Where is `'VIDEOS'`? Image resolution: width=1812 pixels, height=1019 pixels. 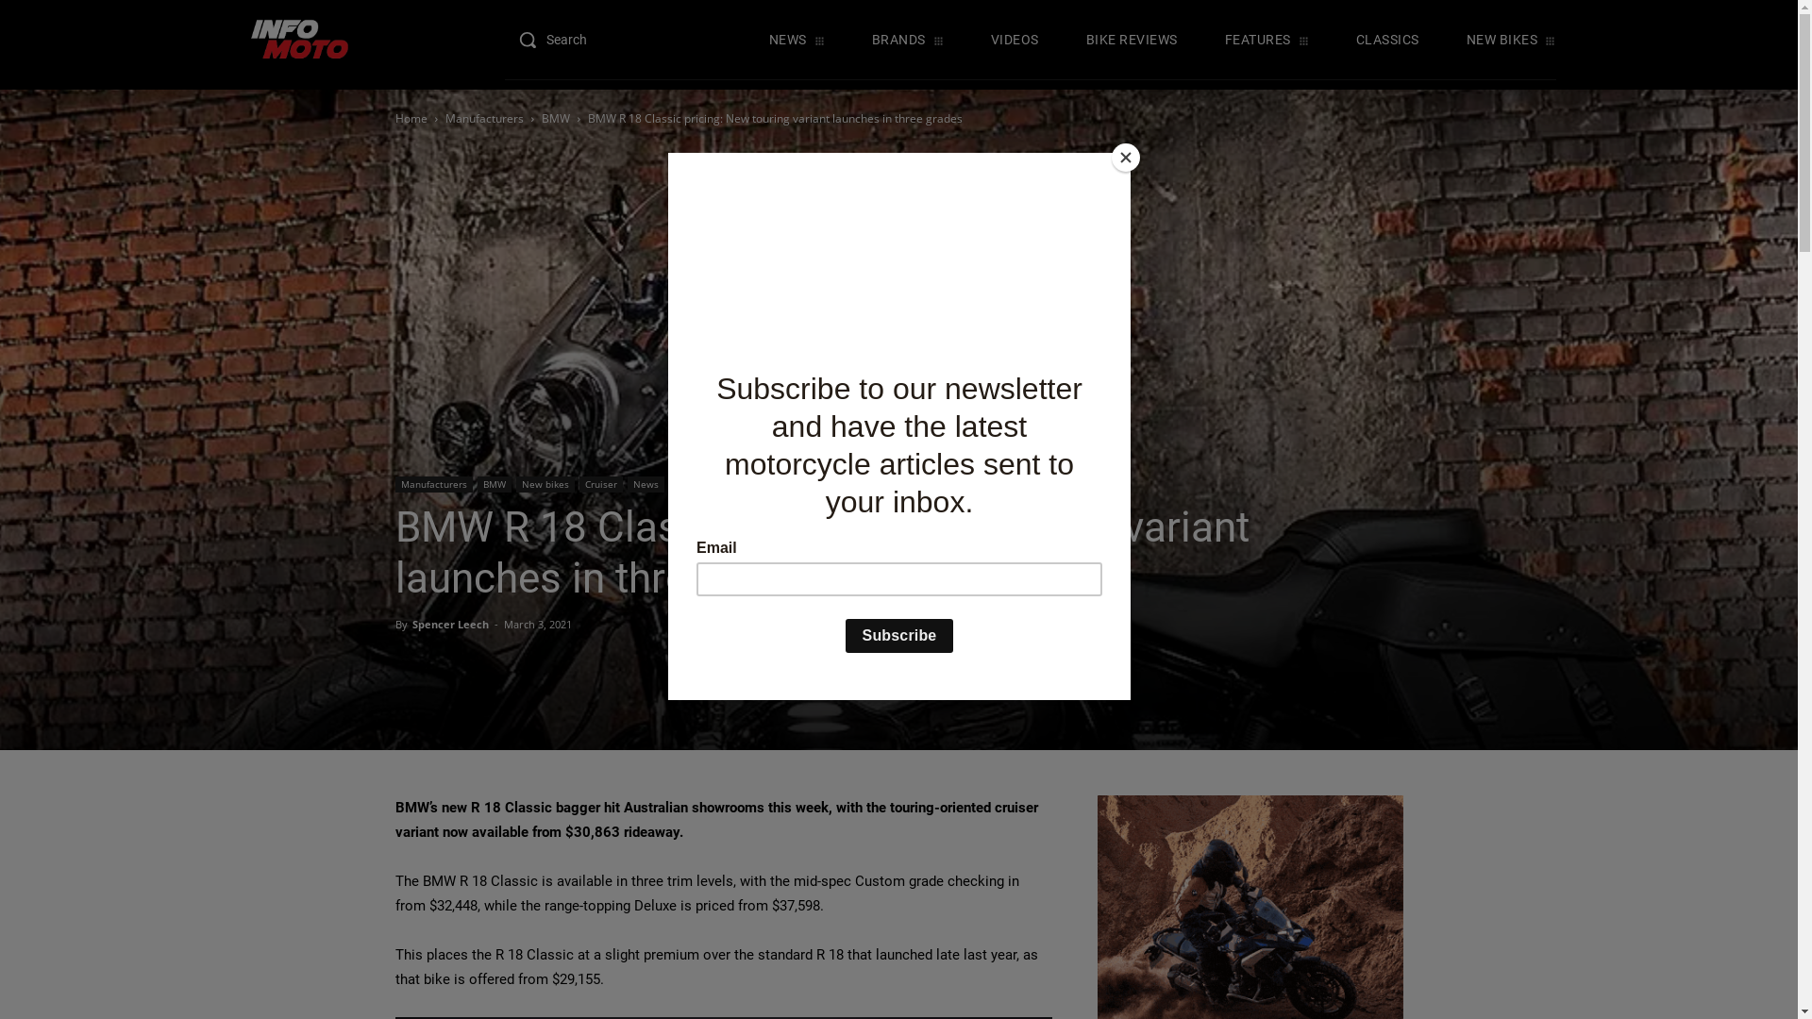
'VIDEOS' is located at coordinates (1014, 40).